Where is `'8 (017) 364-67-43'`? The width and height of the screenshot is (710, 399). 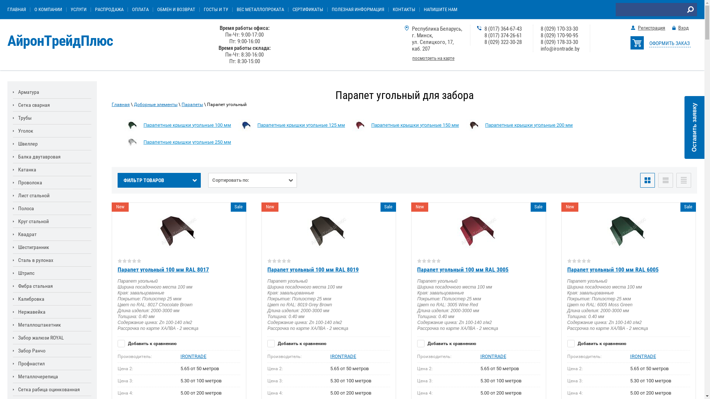
'8 (017) 364-67-43' is located at coordinates (503, 28).